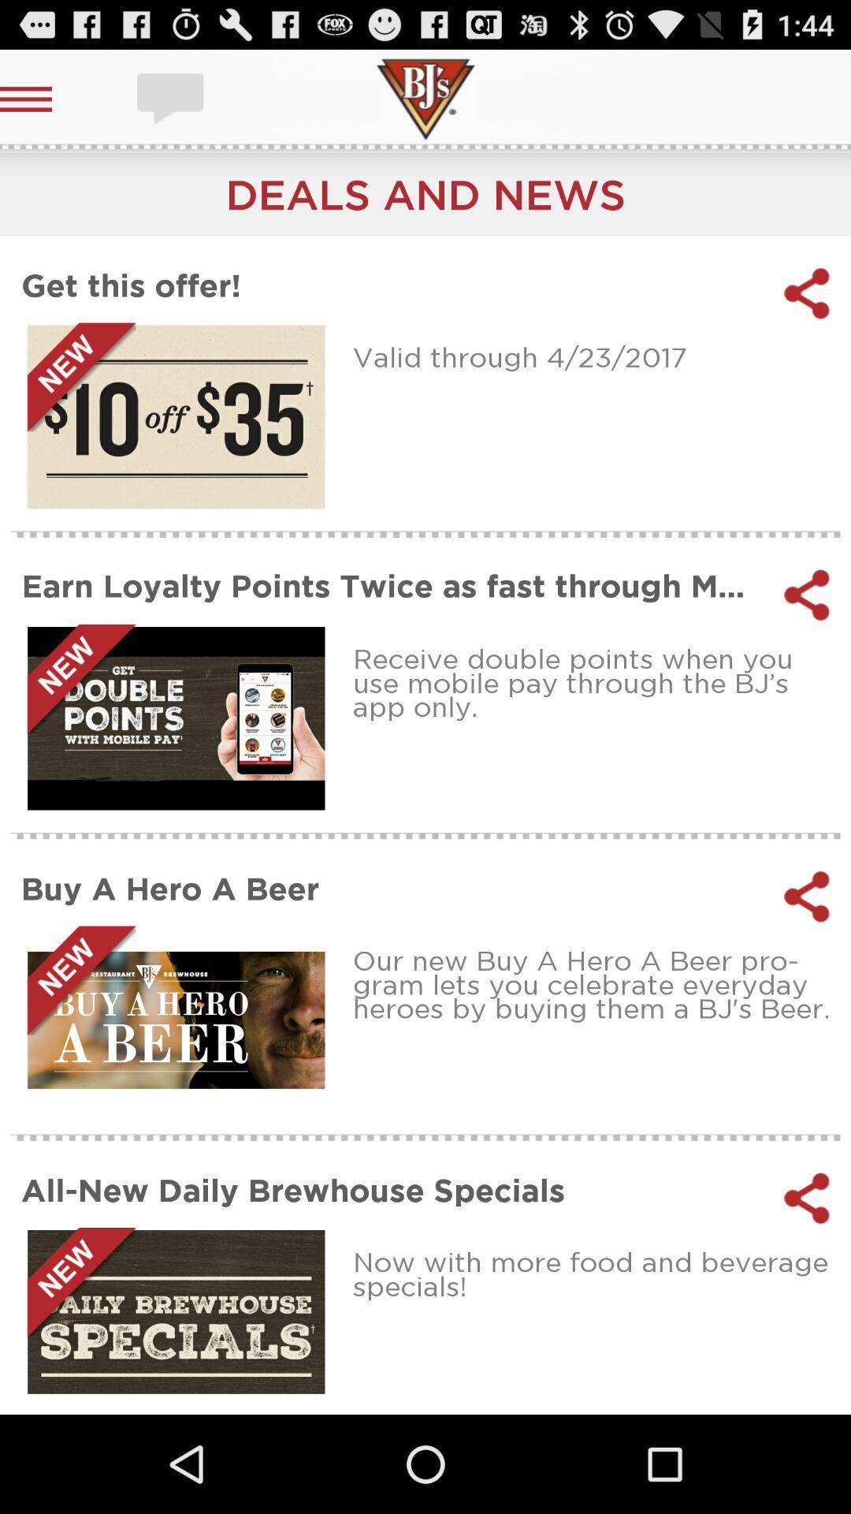 This screenshot has height=1514, width=851. What do you see at coordinates (807, 594) in the screenshot?
I see `shareing icone` at bounding box center [807, 594].